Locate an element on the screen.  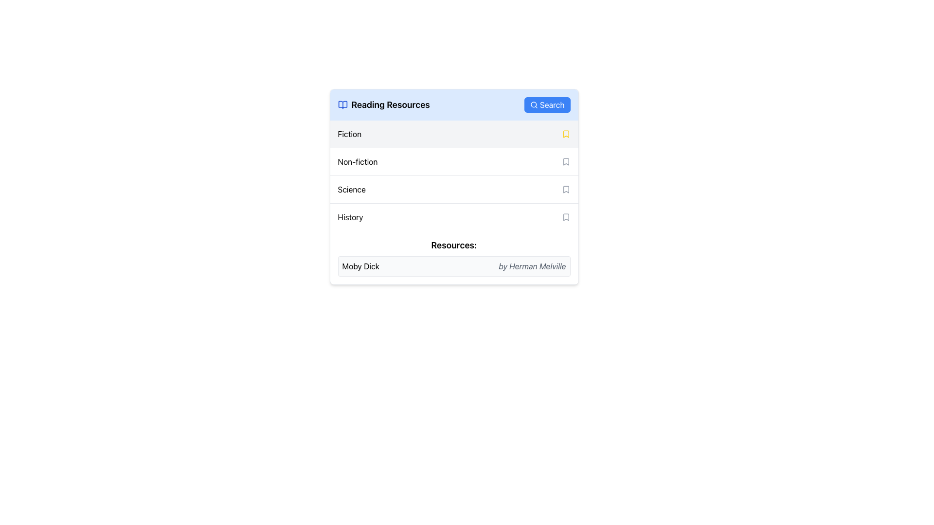
the text element displaying the author's name is located at coordinates (532, 266).